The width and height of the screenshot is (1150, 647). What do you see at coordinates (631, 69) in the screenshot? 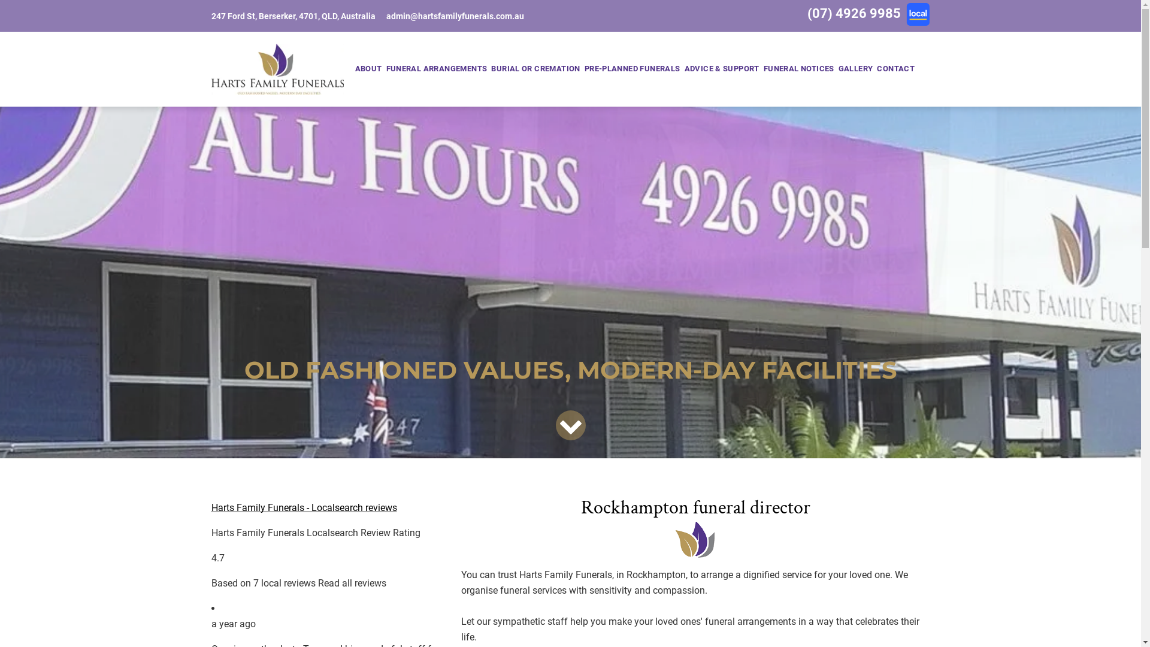
I see `'PRE-PLANNED FUNERALS'` at bounding box center [631, 69].